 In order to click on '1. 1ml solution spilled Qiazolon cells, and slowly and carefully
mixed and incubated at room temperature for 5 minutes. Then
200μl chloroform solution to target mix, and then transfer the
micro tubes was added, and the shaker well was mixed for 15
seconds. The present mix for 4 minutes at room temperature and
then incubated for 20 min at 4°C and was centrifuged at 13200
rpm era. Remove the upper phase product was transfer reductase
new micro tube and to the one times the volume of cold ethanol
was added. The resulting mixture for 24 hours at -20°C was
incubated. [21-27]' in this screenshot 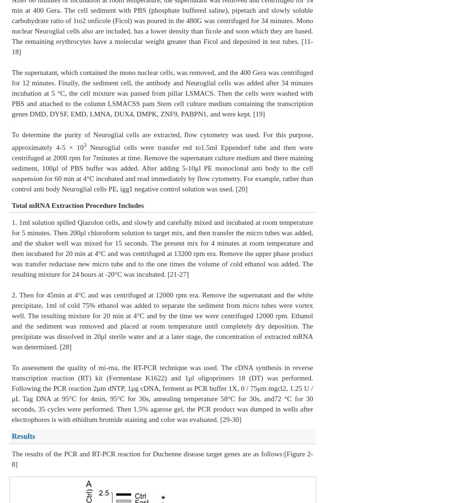, I will do `click(162, 247)`.